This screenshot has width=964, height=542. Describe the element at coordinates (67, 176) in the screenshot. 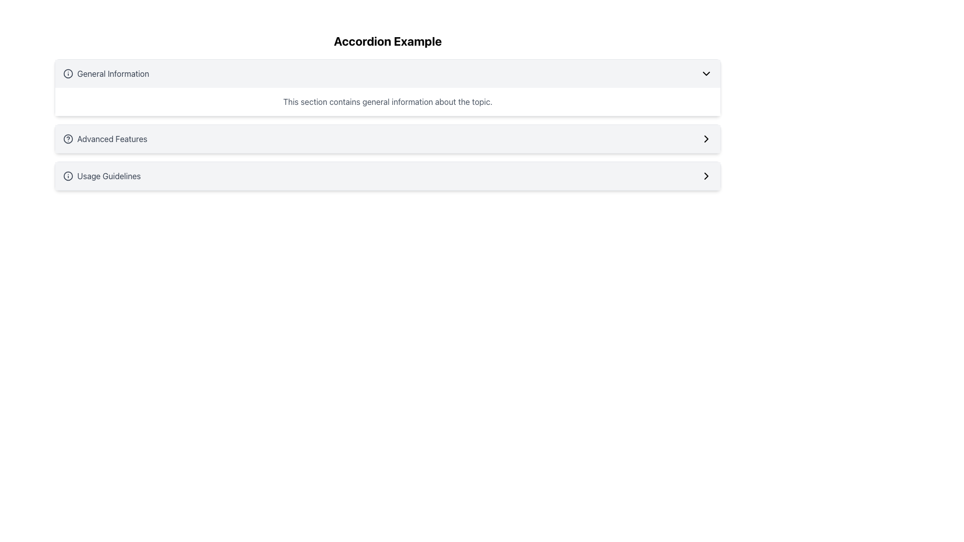

I see `the circular SVG shape that is part of the illustrated info sign at the beginning of the 'Usage Guidelines' section title` at that location.